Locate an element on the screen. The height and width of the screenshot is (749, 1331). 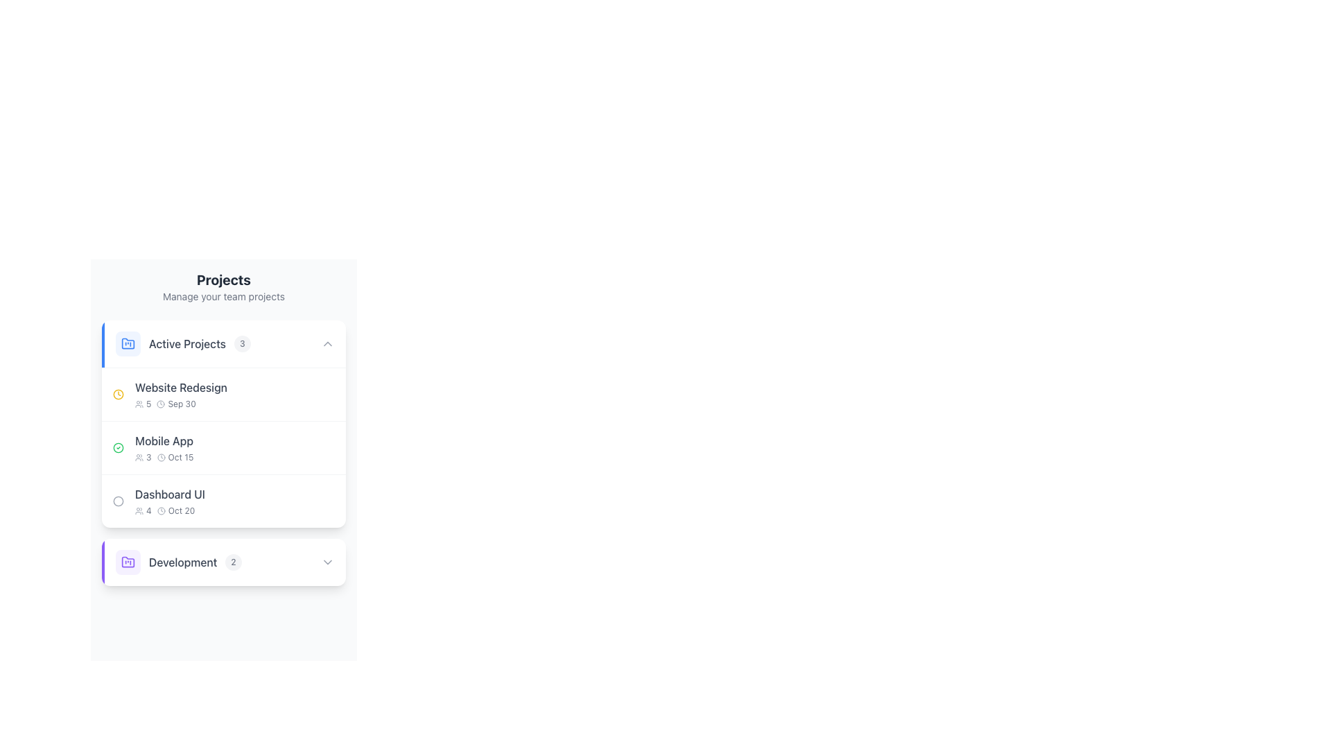
on the 'Mobile App' text display within the 'Active Projects' section is located at coordinates (164, 447).